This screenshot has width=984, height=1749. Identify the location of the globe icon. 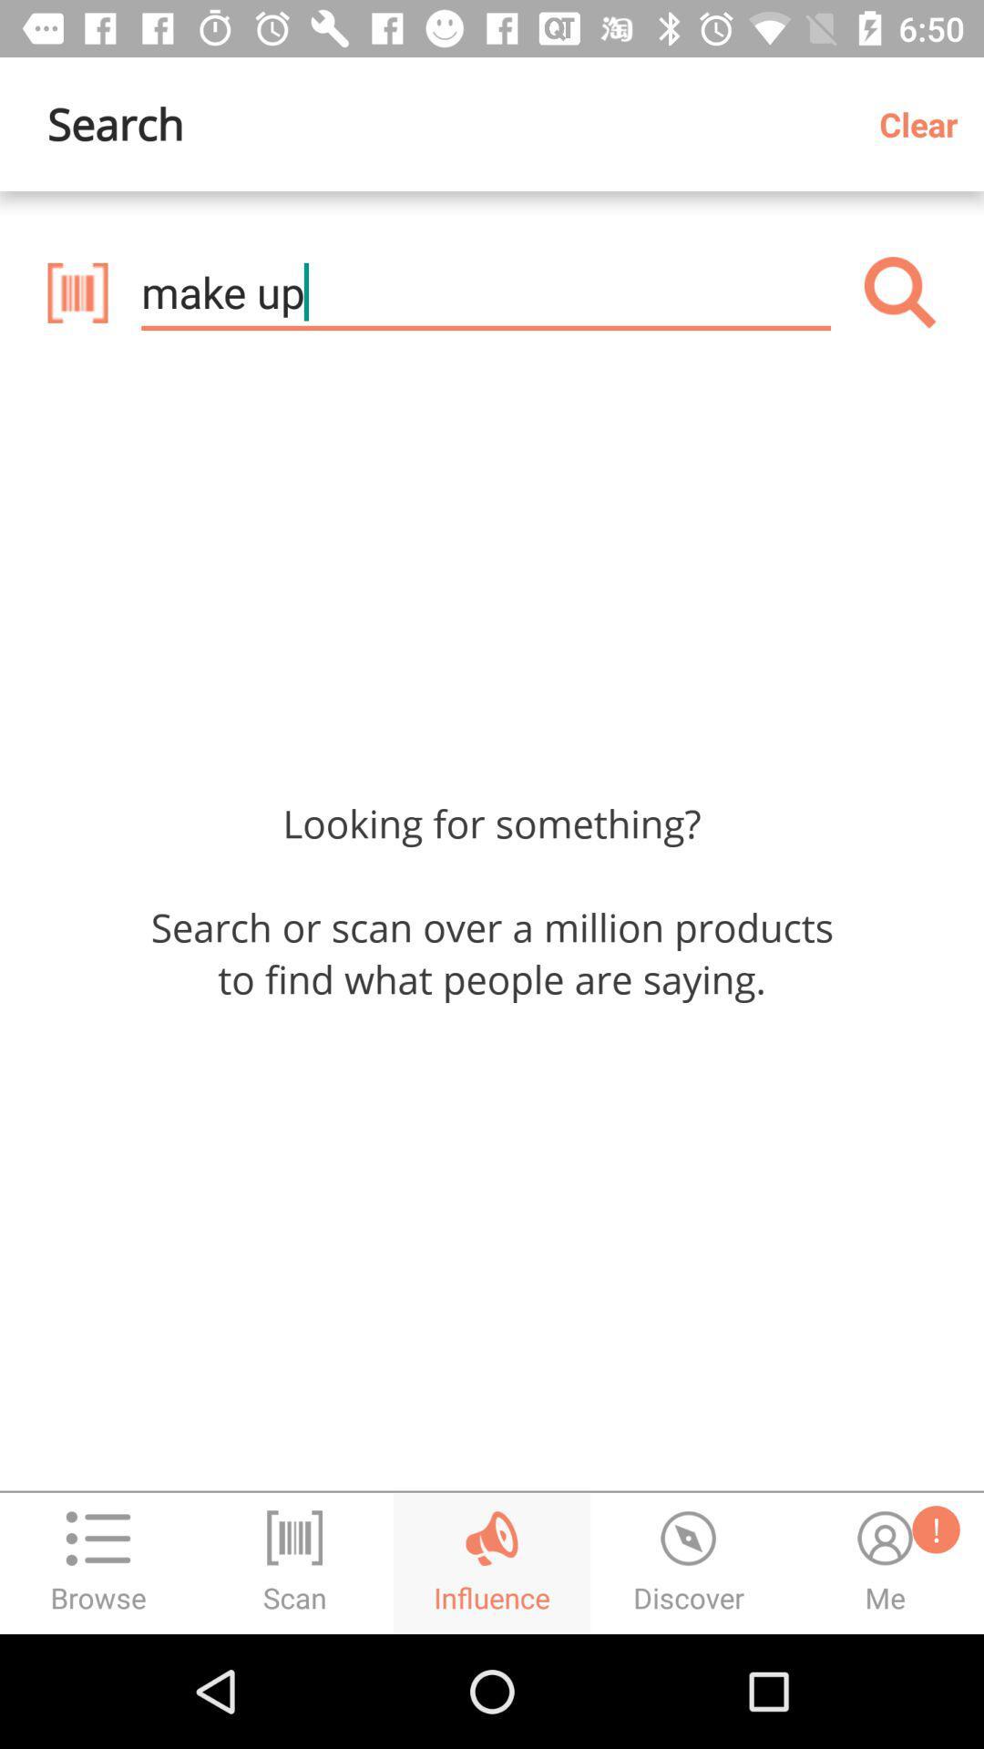
(492, 1562).